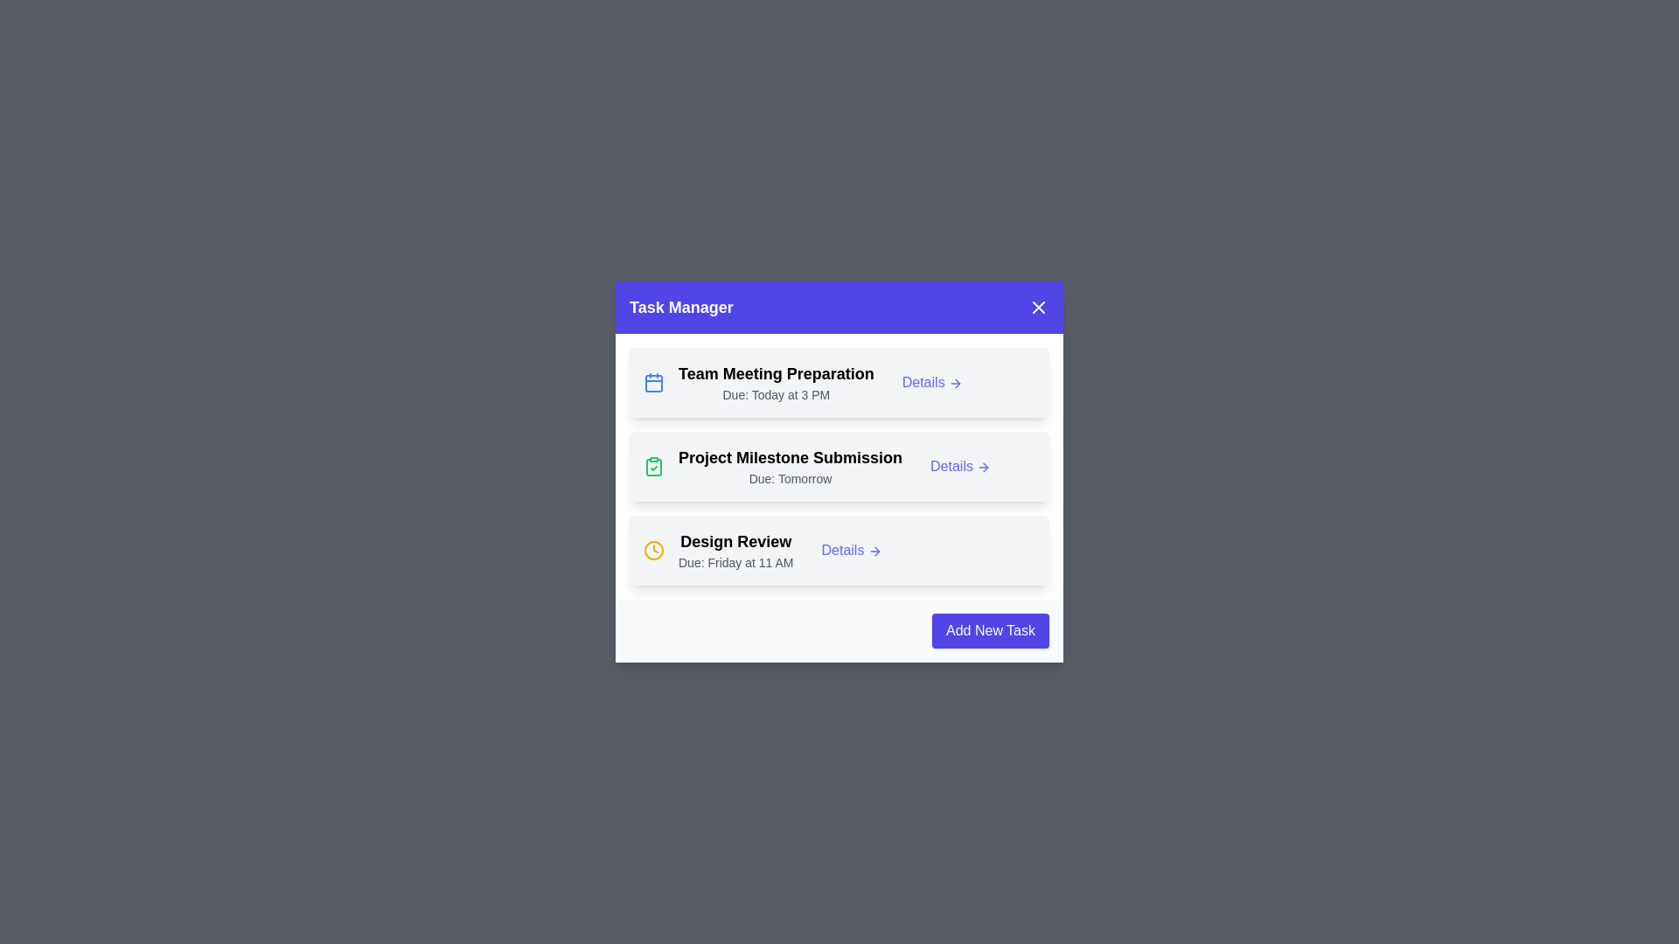 The width and height of the screenshot is (1679, 944). I want to click on the Vector icon embedded in the 'Details' hyperlink for the second task in the task manager interface, so click(955, 382).